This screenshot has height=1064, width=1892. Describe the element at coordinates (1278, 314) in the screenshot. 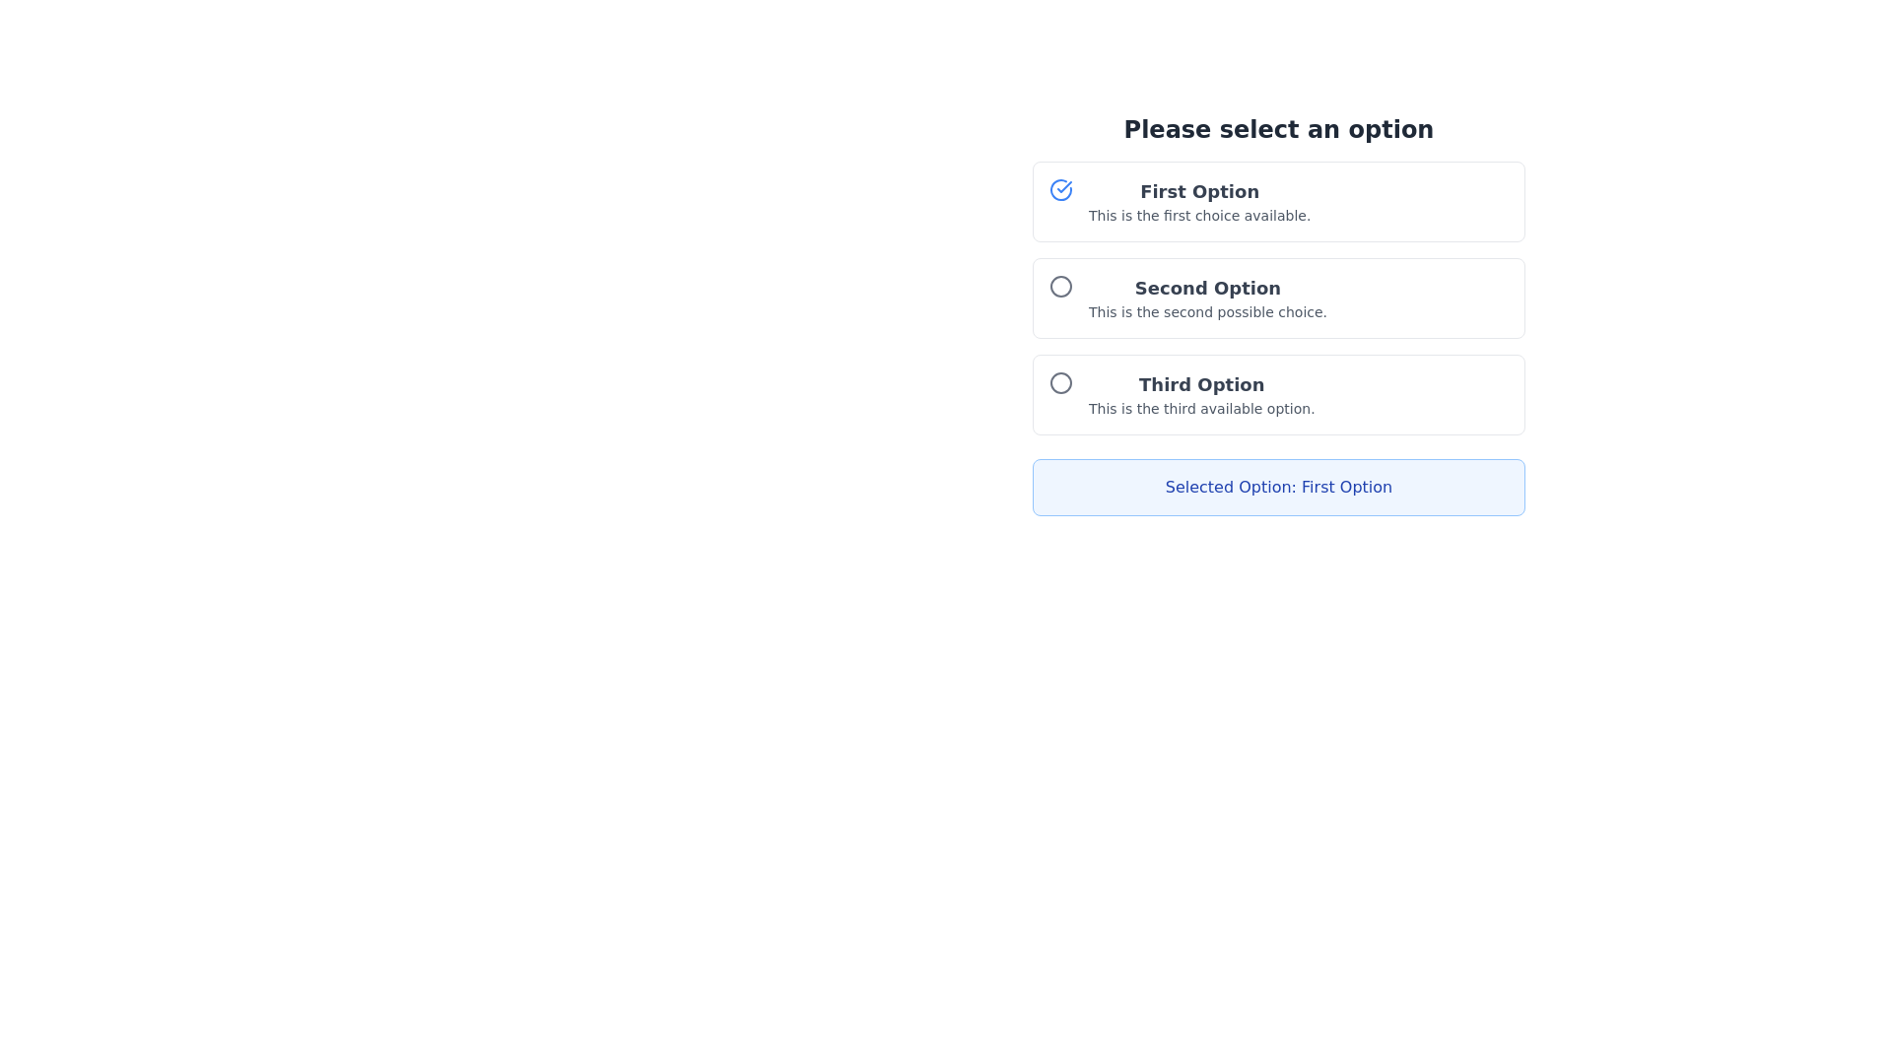

I see `the second interactive selection item, which is styled with a border and background, containing a bold title and a descriptive subtitle, located under the header 'Please select an option'` at that location.